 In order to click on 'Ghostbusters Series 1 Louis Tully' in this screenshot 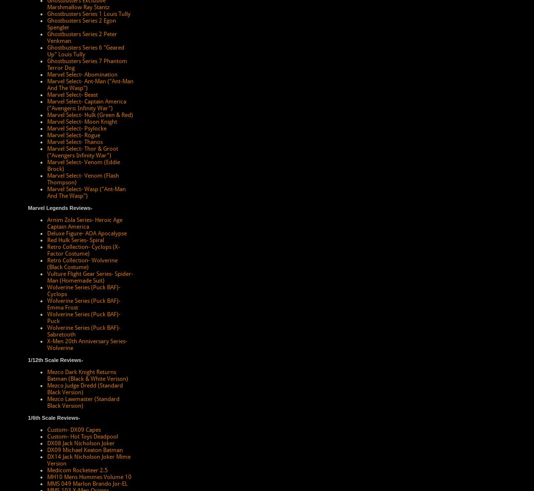, I will do `click(88, 13)`.